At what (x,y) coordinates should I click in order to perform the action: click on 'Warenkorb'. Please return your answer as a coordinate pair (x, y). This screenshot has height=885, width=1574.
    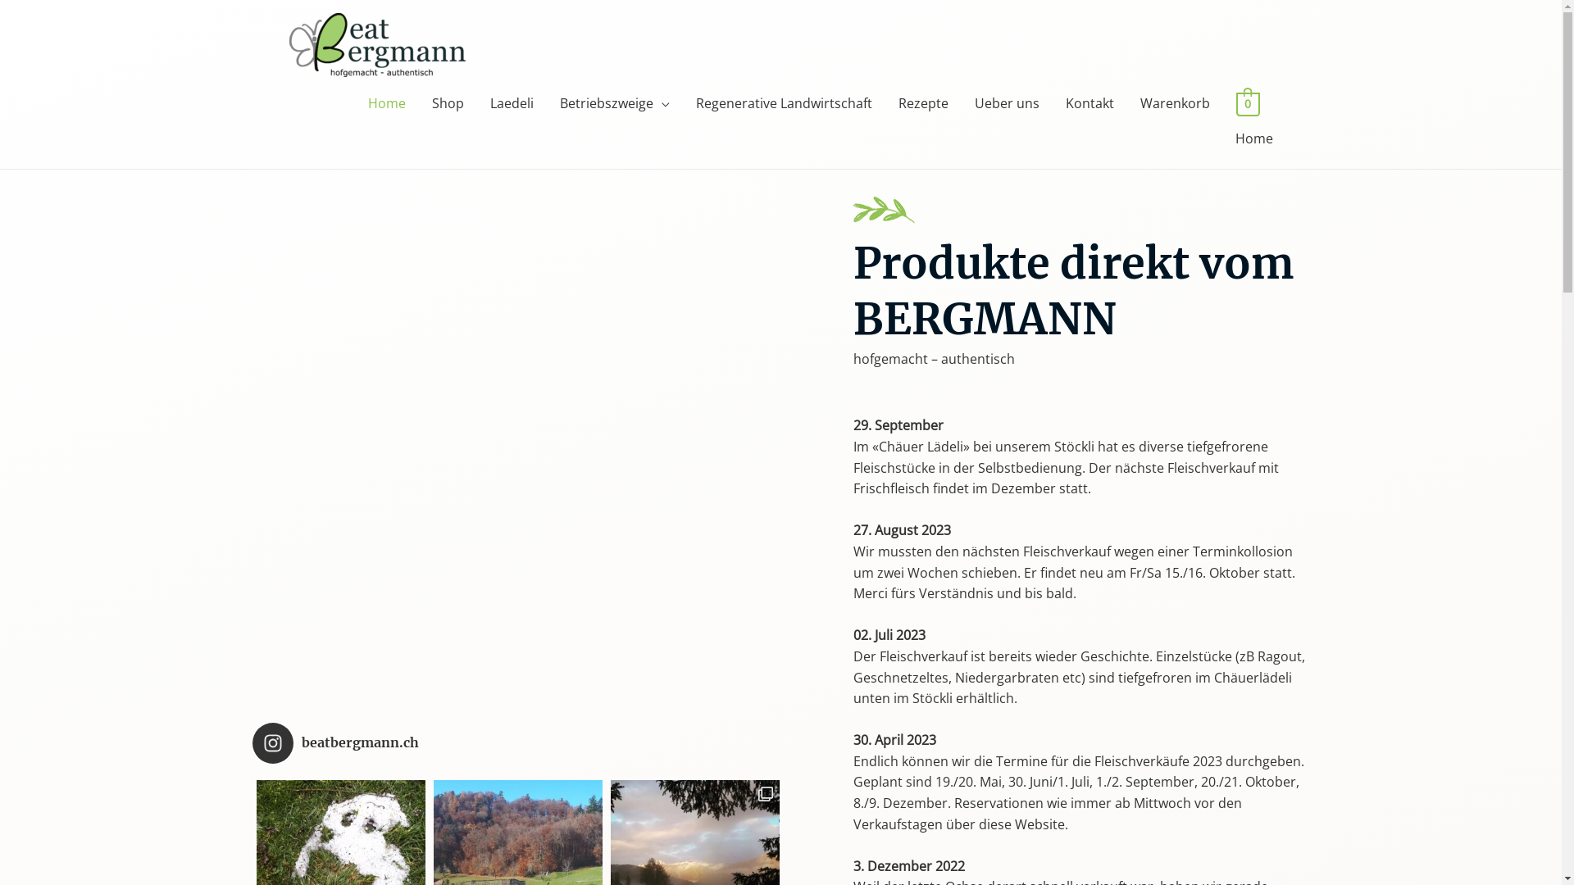
    Looking at the image, I should click on (1174, 103).